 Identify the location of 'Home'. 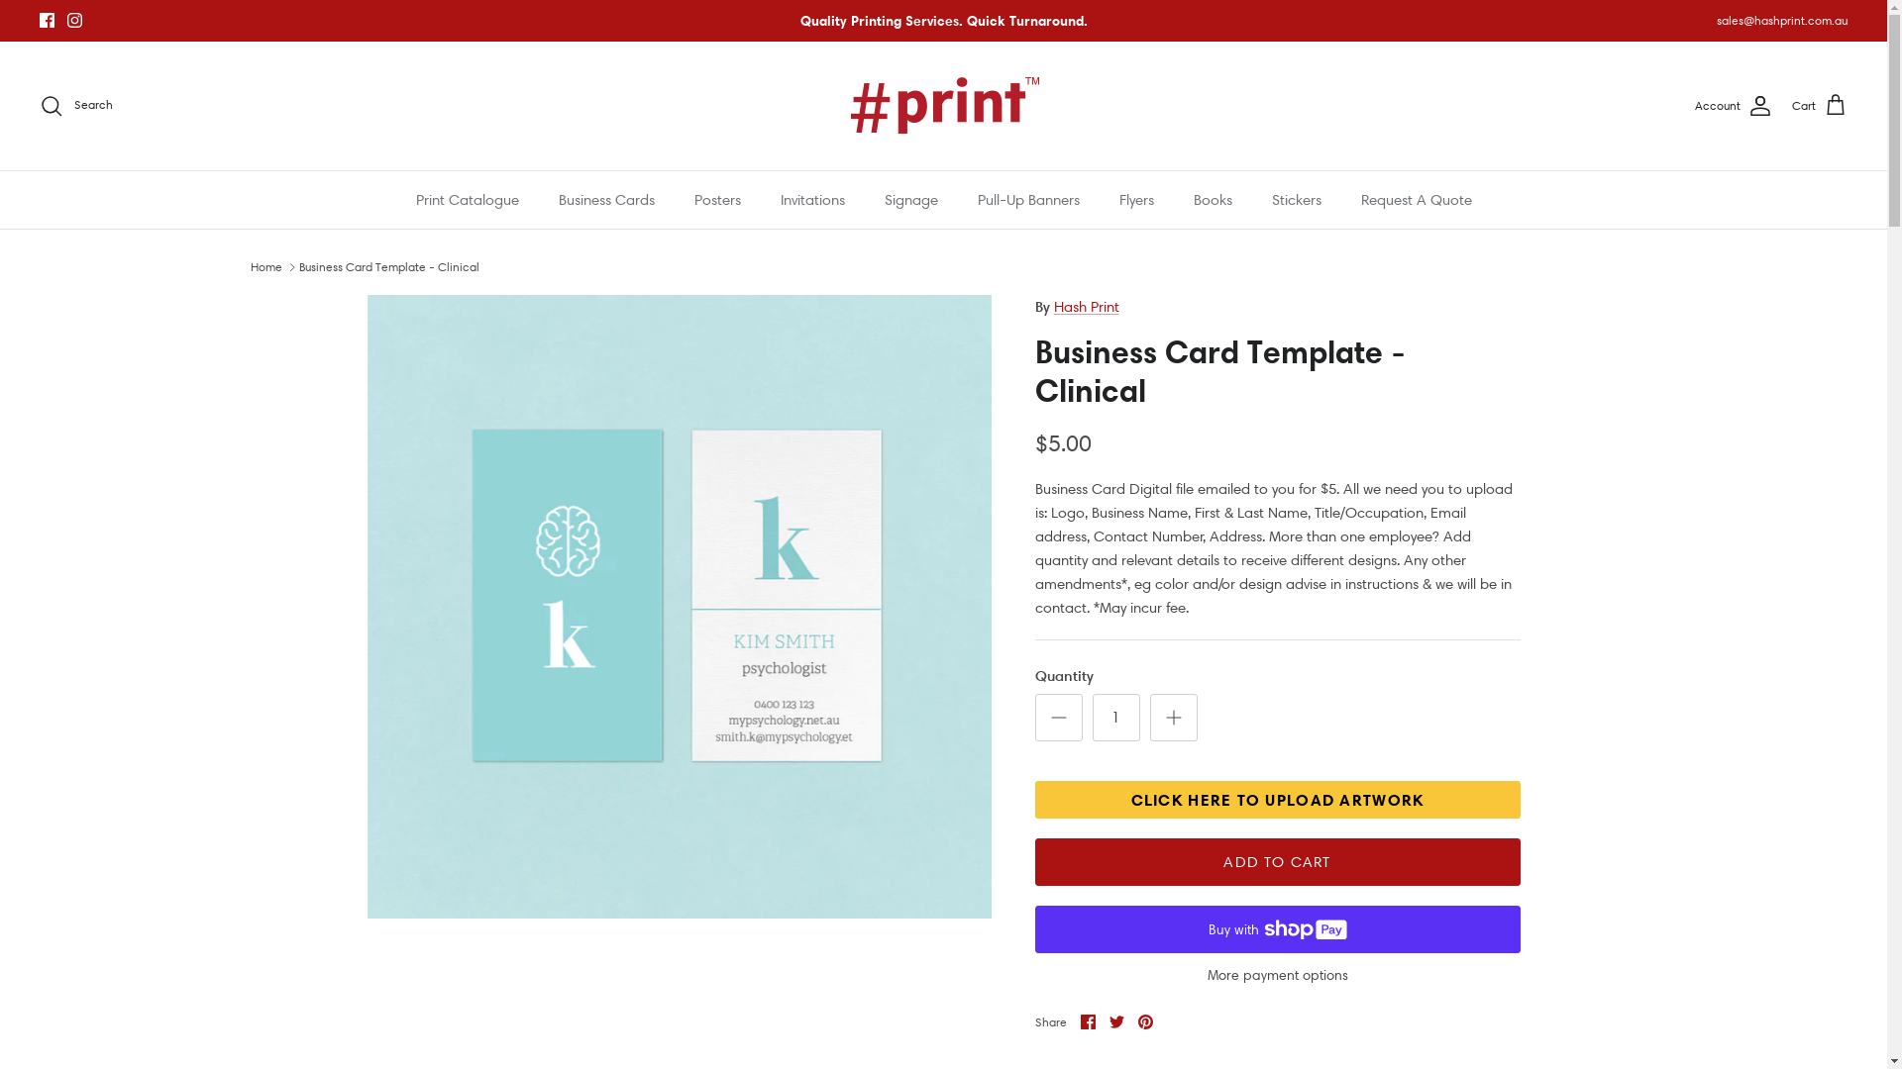
(264, 265).